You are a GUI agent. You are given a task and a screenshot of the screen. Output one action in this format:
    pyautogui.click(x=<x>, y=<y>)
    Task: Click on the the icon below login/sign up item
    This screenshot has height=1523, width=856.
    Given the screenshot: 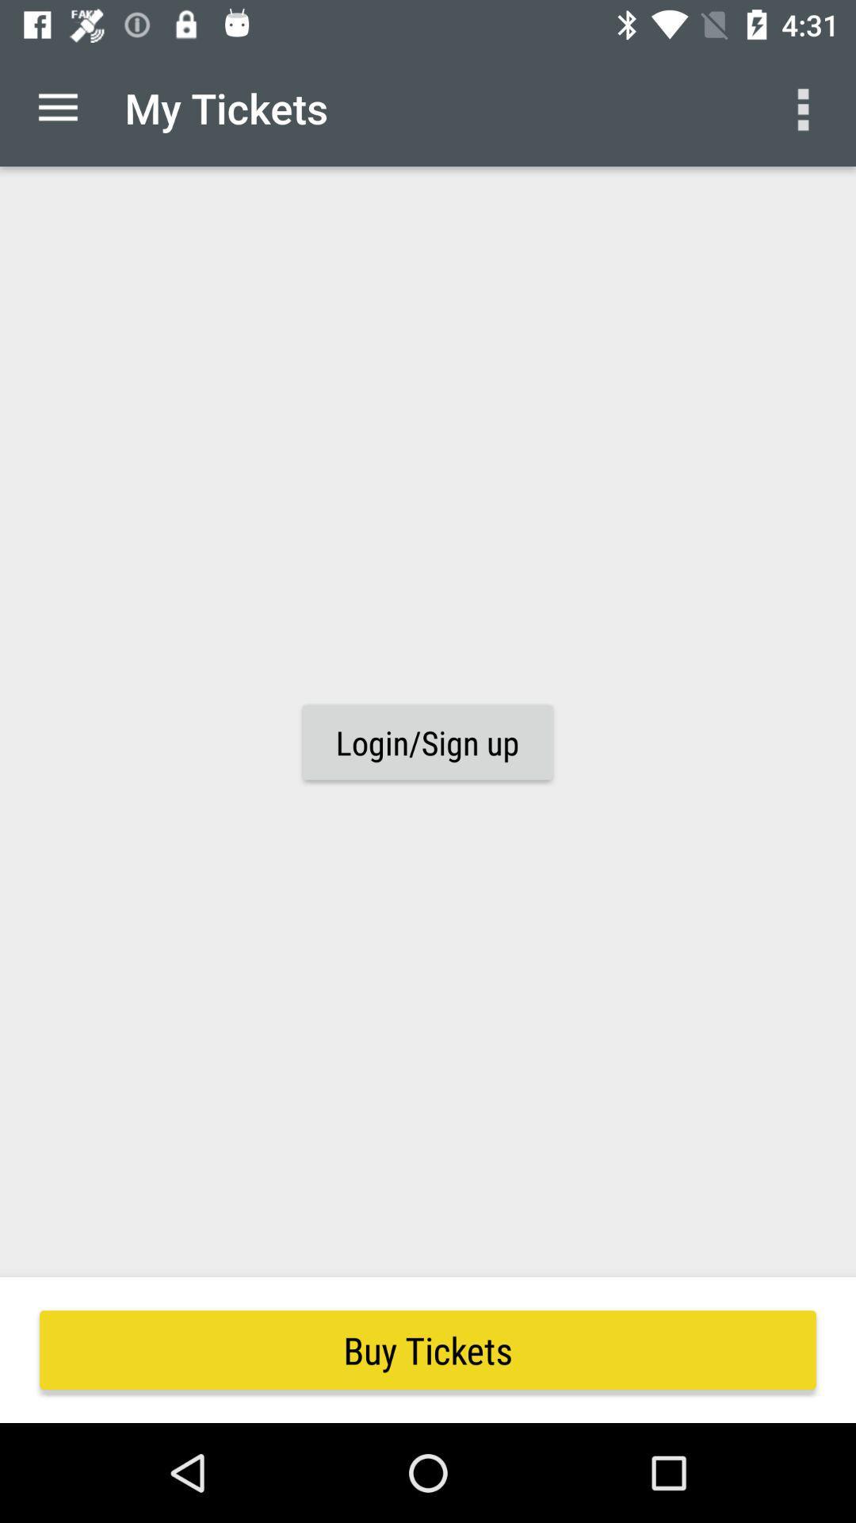 What is the action you would take?
    pyautogui.click(x=428, y=1349)
    